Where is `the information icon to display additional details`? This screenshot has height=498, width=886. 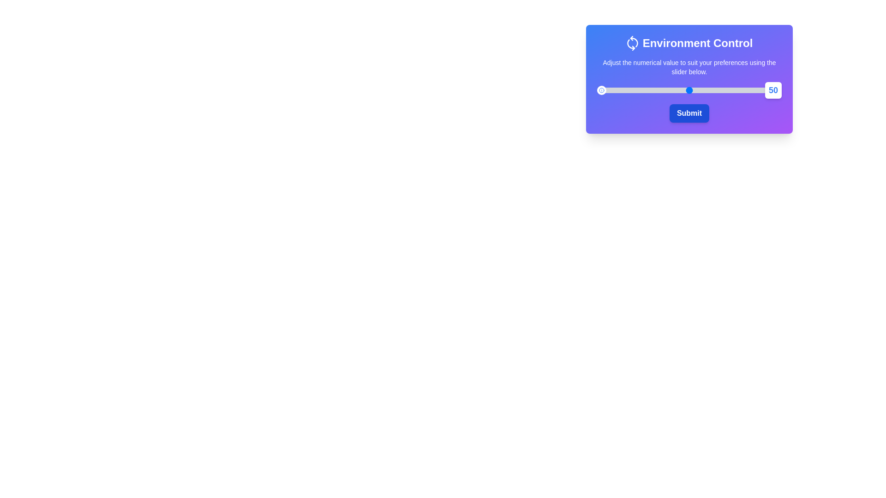
the information icon to display additional details is located at coordinates (602, 90).